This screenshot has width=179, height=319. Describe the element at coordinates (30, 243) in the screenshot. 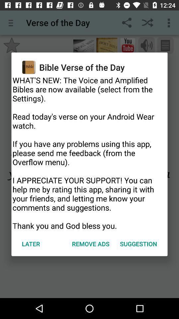

I see `the icon to the left of remove ads icon` at that location.